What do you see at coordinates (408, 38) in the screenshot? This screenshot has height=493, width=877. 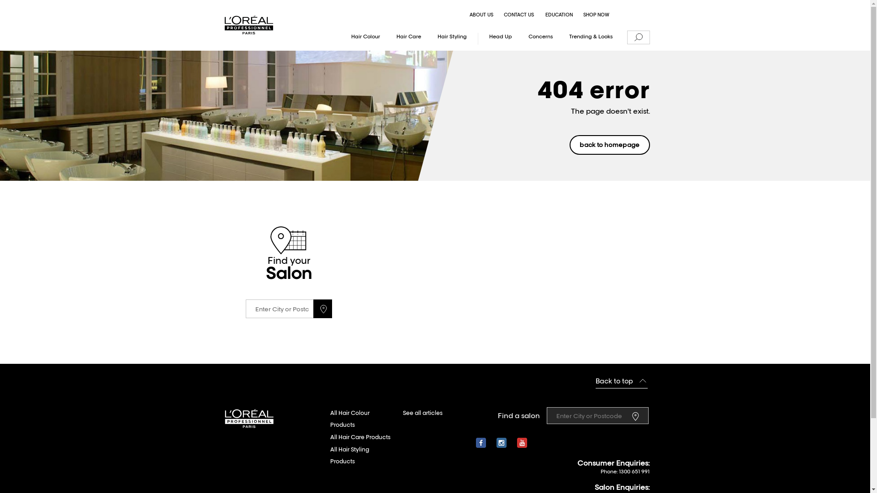 I see `'Hair Care'` at bounding box center [408, 38].